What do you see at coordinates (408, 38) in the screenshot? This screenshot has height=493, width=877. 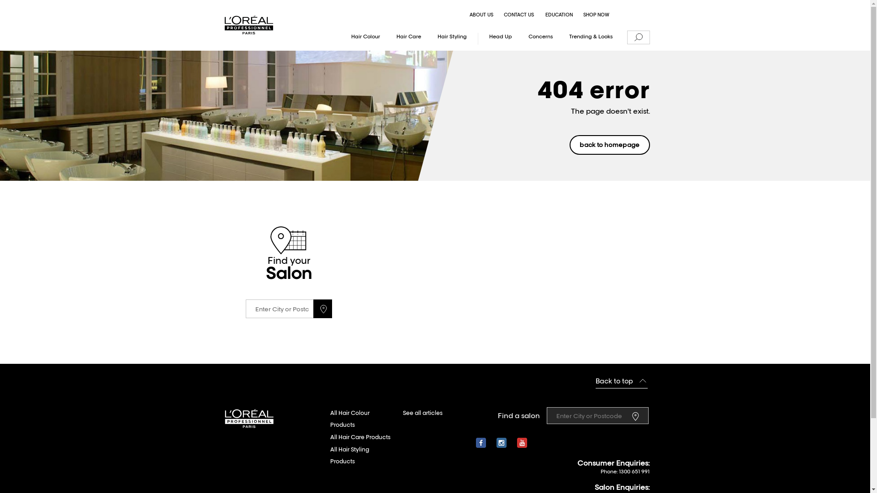 I see `'Hair Care'` at bounding box center [408, 38].